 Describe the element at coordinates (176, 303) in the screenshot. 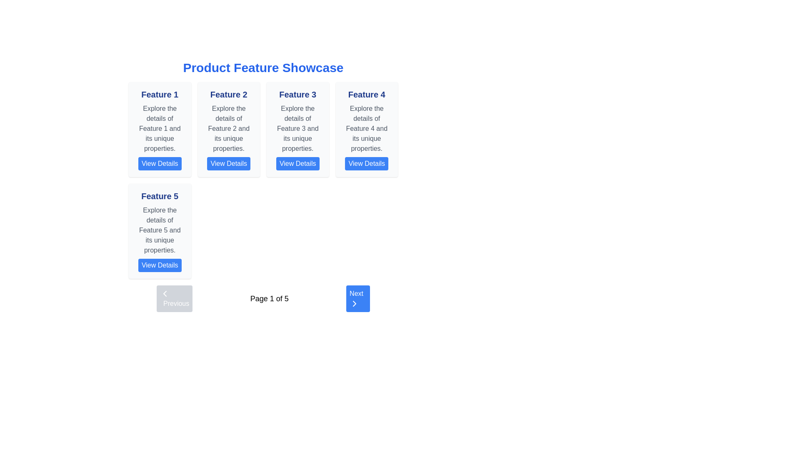

I see `the 'Previous' text label located in the pagination control at the bottom-left of the interface, which is styled in white on a blue background with rounded corners` at that location.